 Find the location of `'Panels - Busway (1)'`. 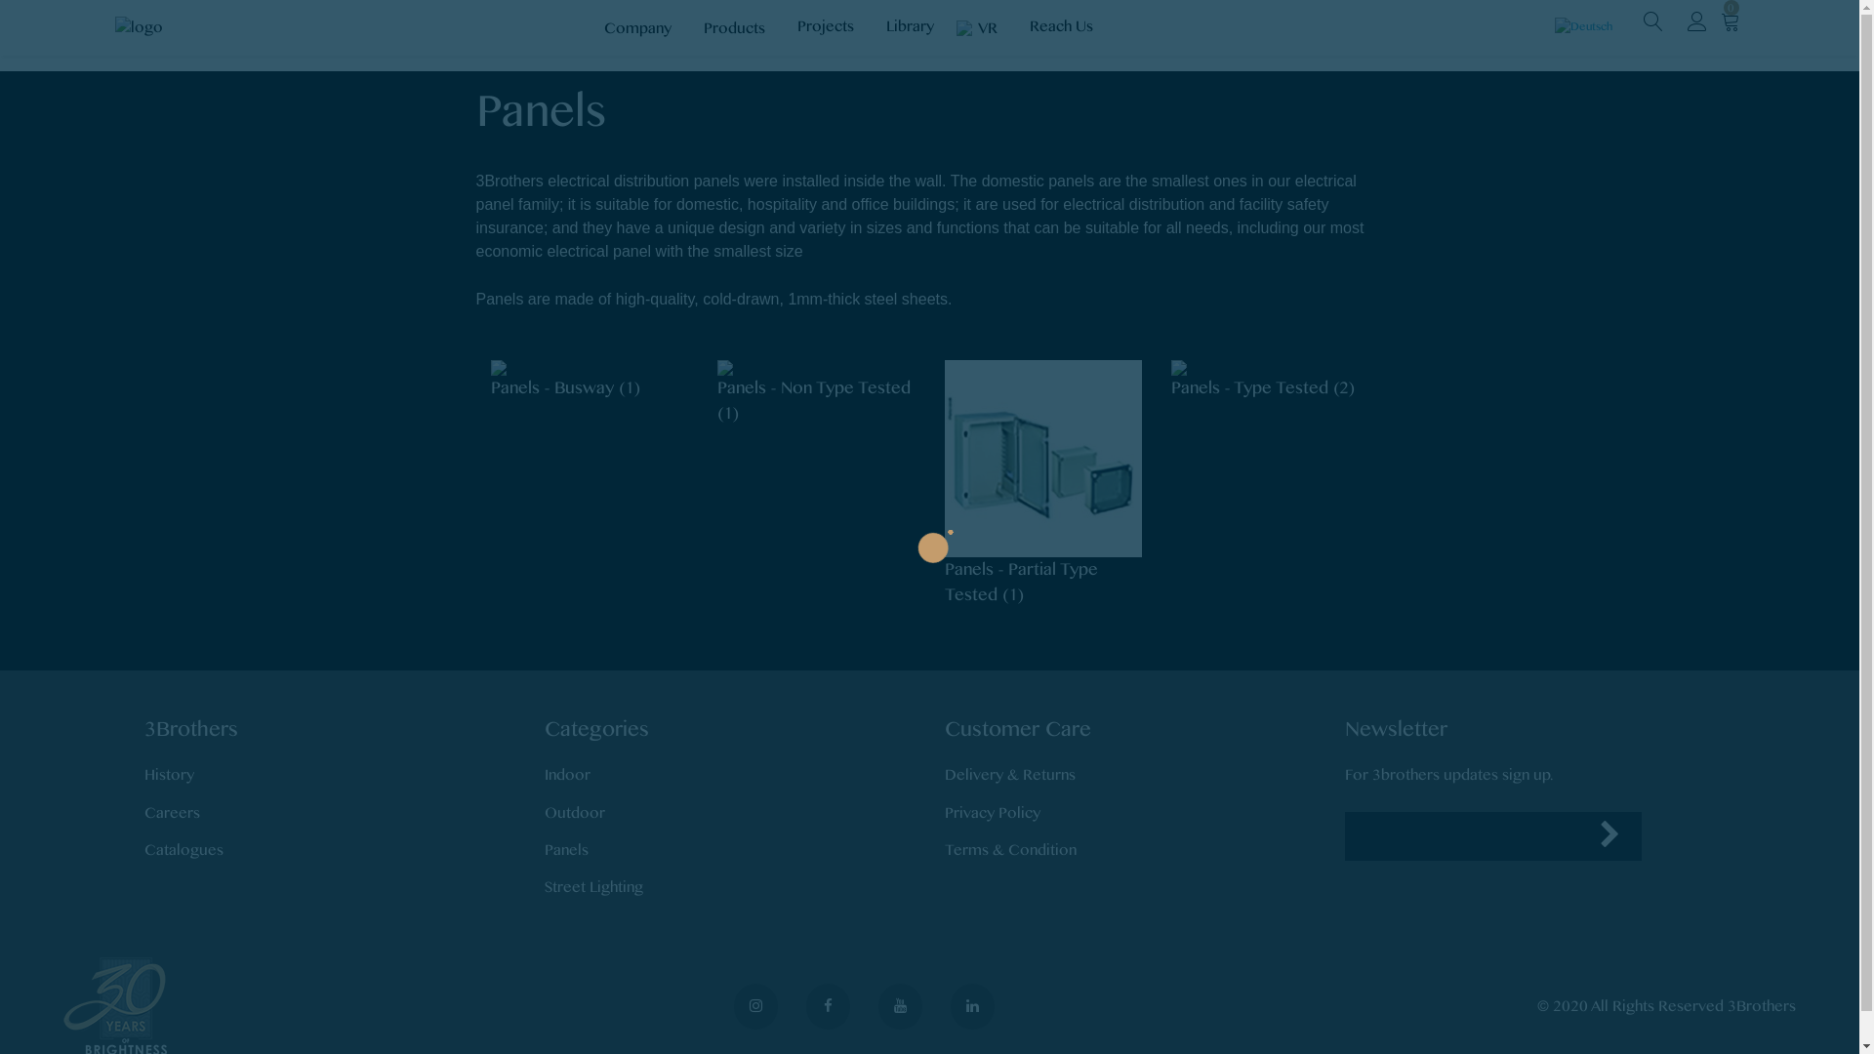

'Panels - Busway (1)' is located at coordinates (588, 379).